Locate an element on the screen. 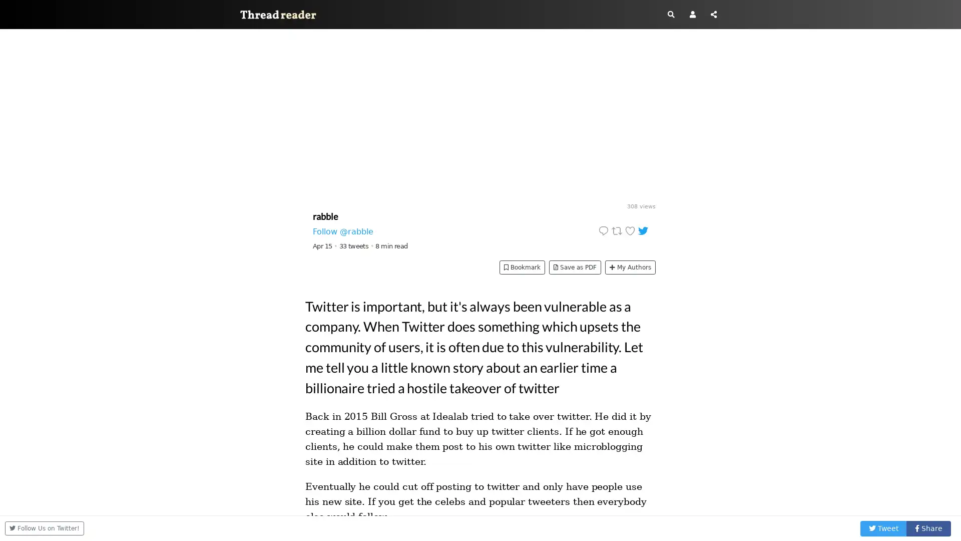 The width and height of the screenshot is (961, 541). Save as PDF is located at coordinates (575, 266).